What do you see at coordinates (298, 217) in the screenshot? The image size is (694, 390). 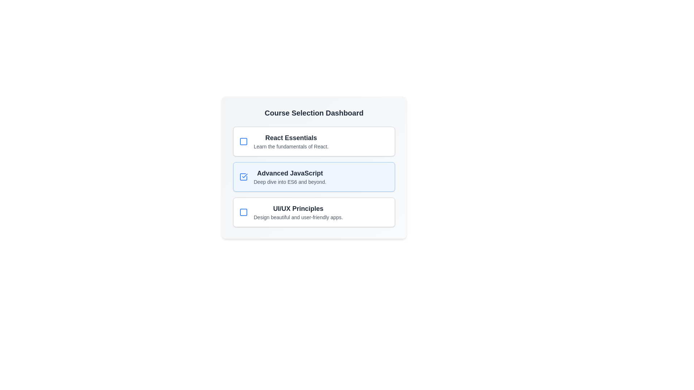 I see `the static text element that reads 'Design beautiful and user-friendly apps.' located under the 'UI/UX Principles' text in the third course card` at bounding box center [298, 217].